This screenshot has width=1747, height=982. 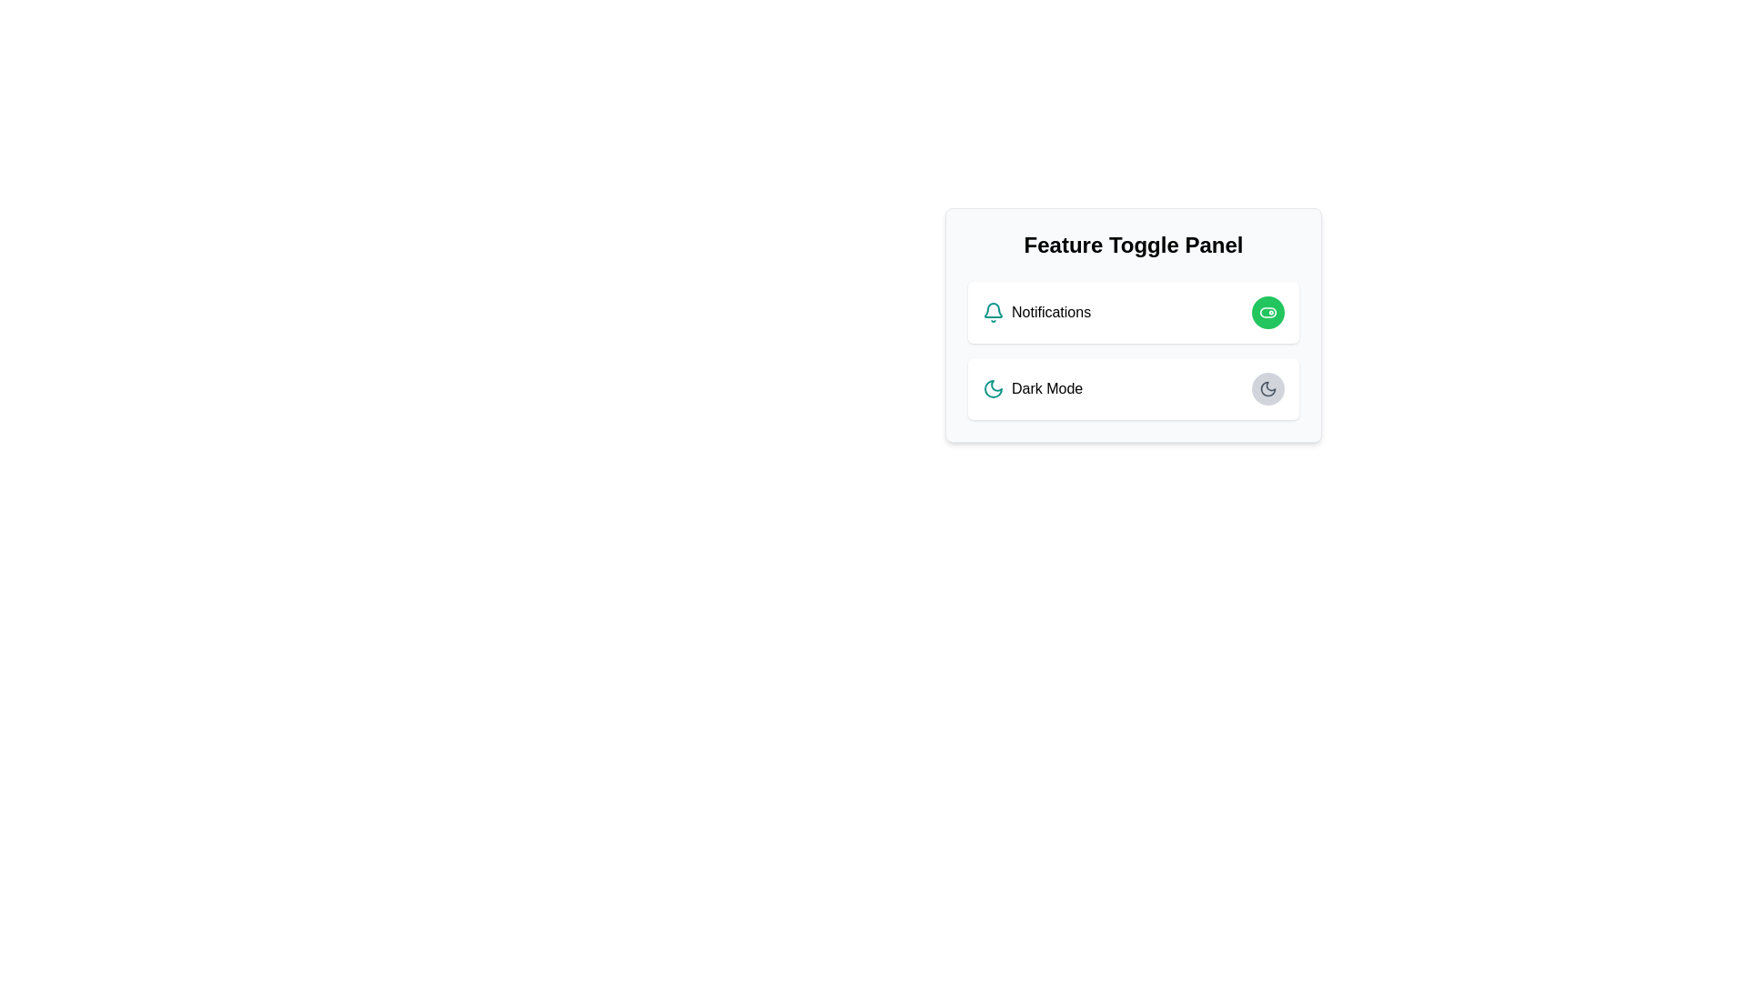 I want to click on the toggle background of the toggle switch adjacent to the 'Notifications' label, so click(x=1267, y=311).